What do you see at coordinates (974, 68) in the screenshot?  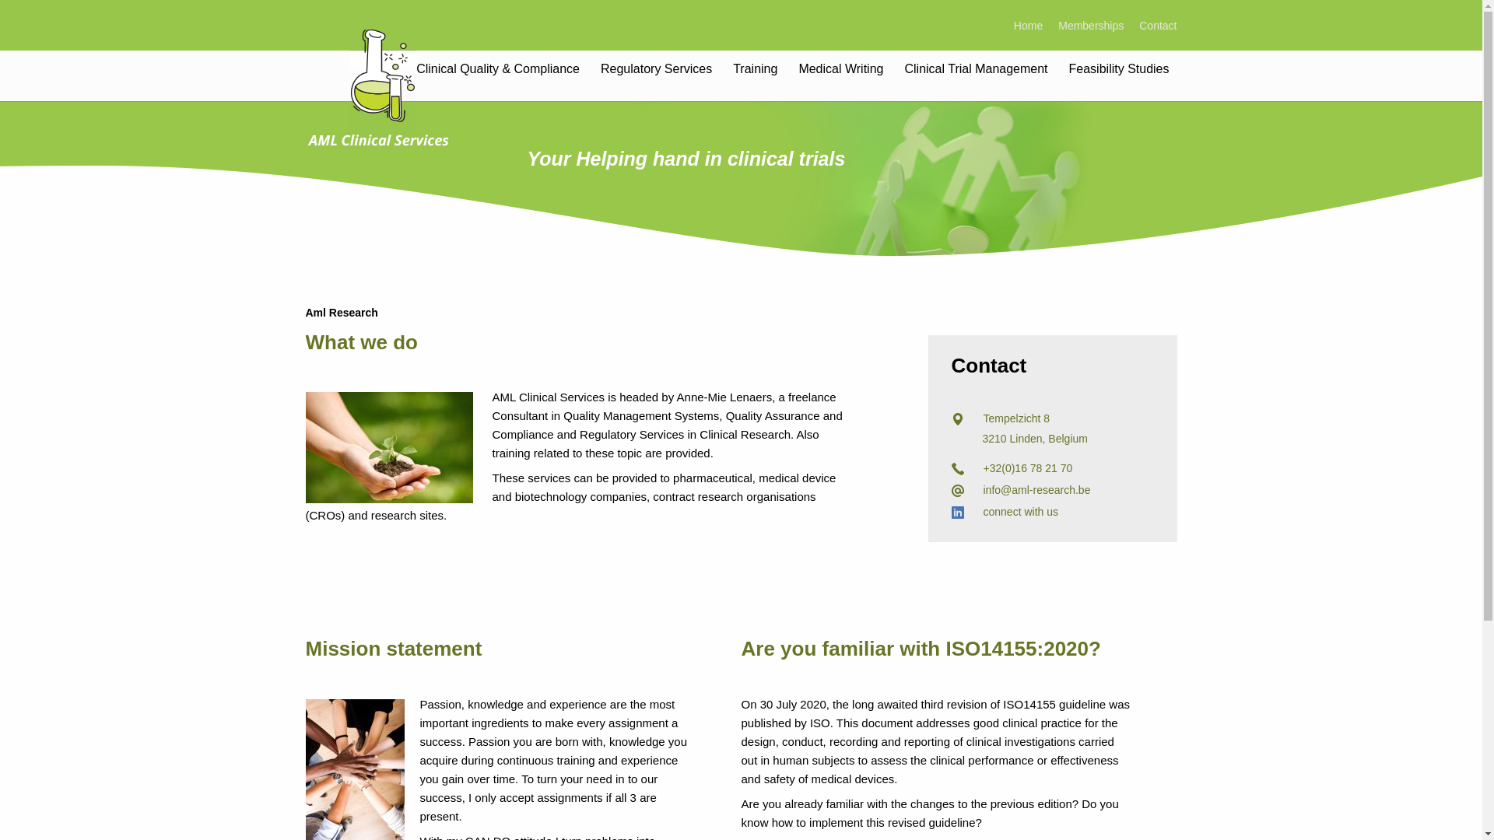 I see `'Clinical Trial Management'` at bounding box center [974, 68].